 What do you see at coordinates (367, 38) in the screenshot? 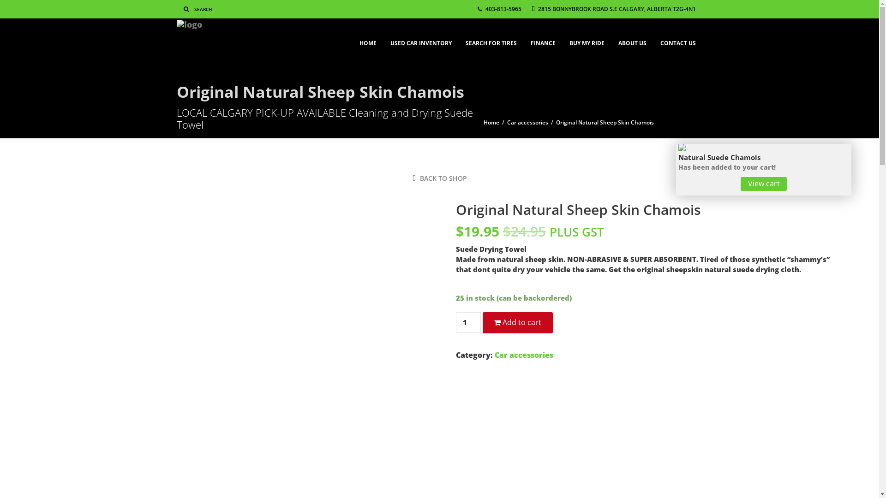
I see `'HOME'` at bounding box center [367, 38].